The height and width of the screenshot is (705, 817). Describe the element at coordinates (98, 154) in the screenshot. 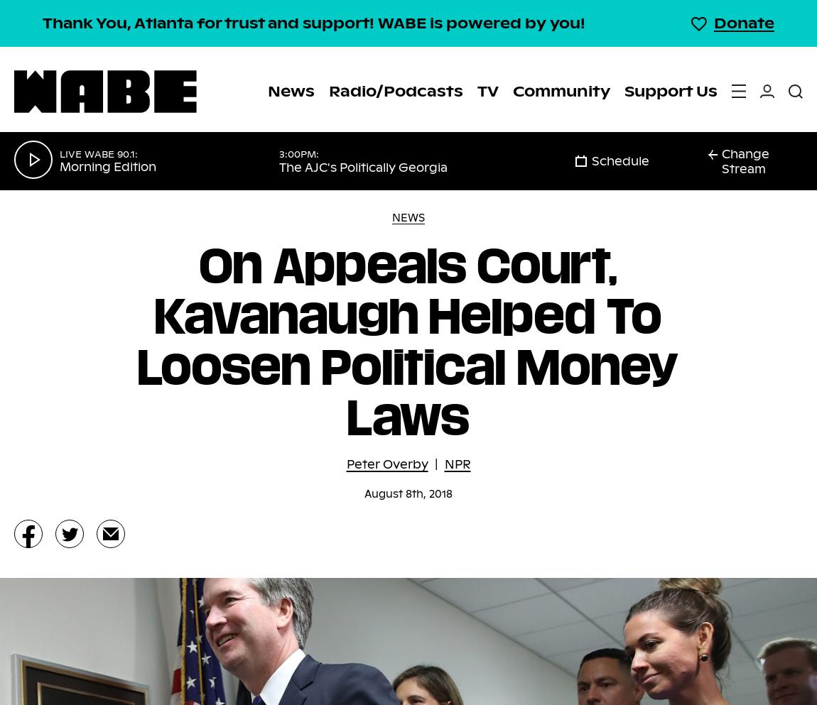

I see `'Live WABE 90.1:'` at that location.